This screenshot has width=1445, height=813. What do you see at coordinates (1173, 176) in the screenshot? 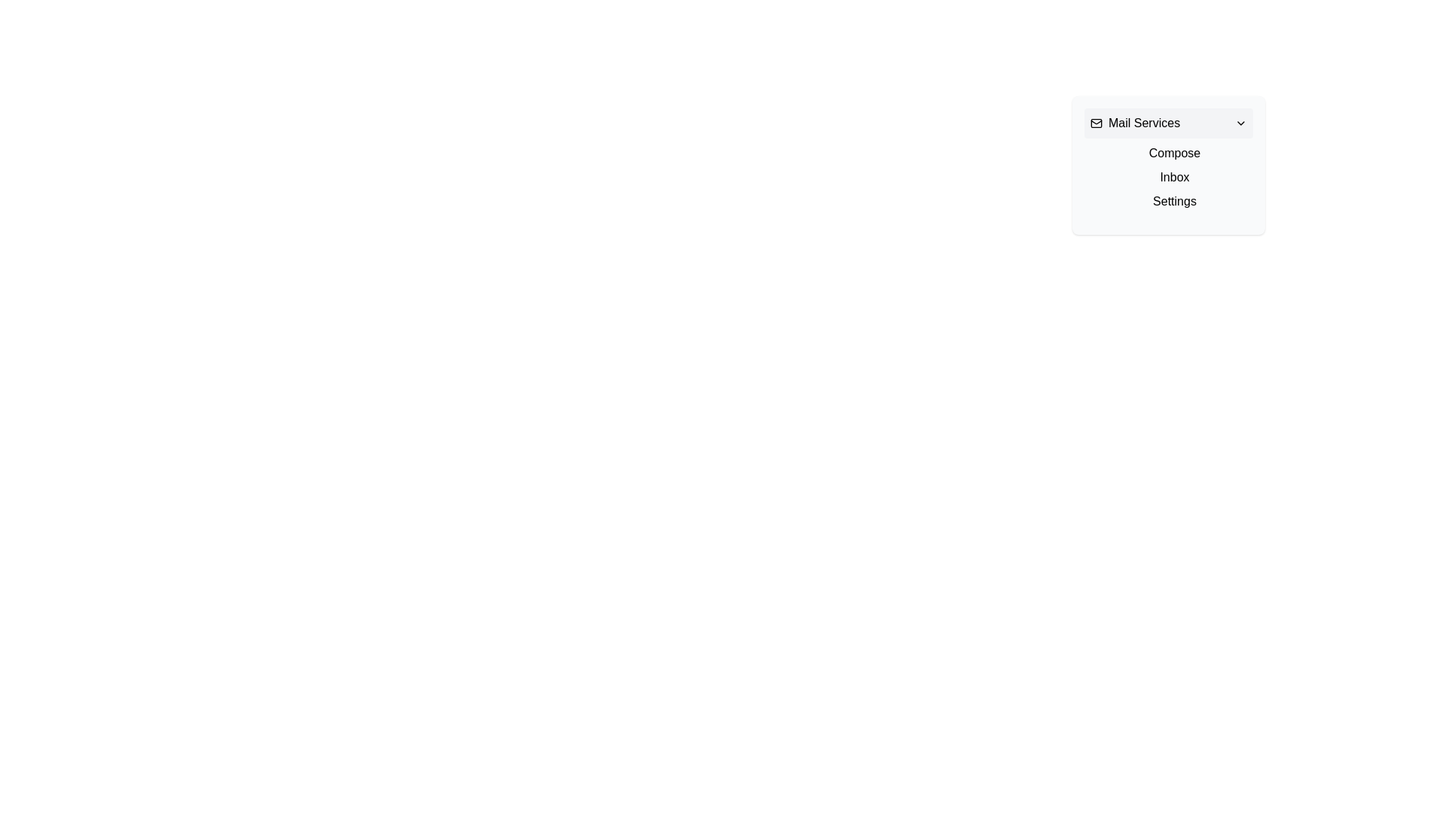
I see `the 'Inbox' text link, which is the second option in the vertical list of navigation links, positioned between 'Compose' and 'Settings'` at bounding box center [1173, 176].